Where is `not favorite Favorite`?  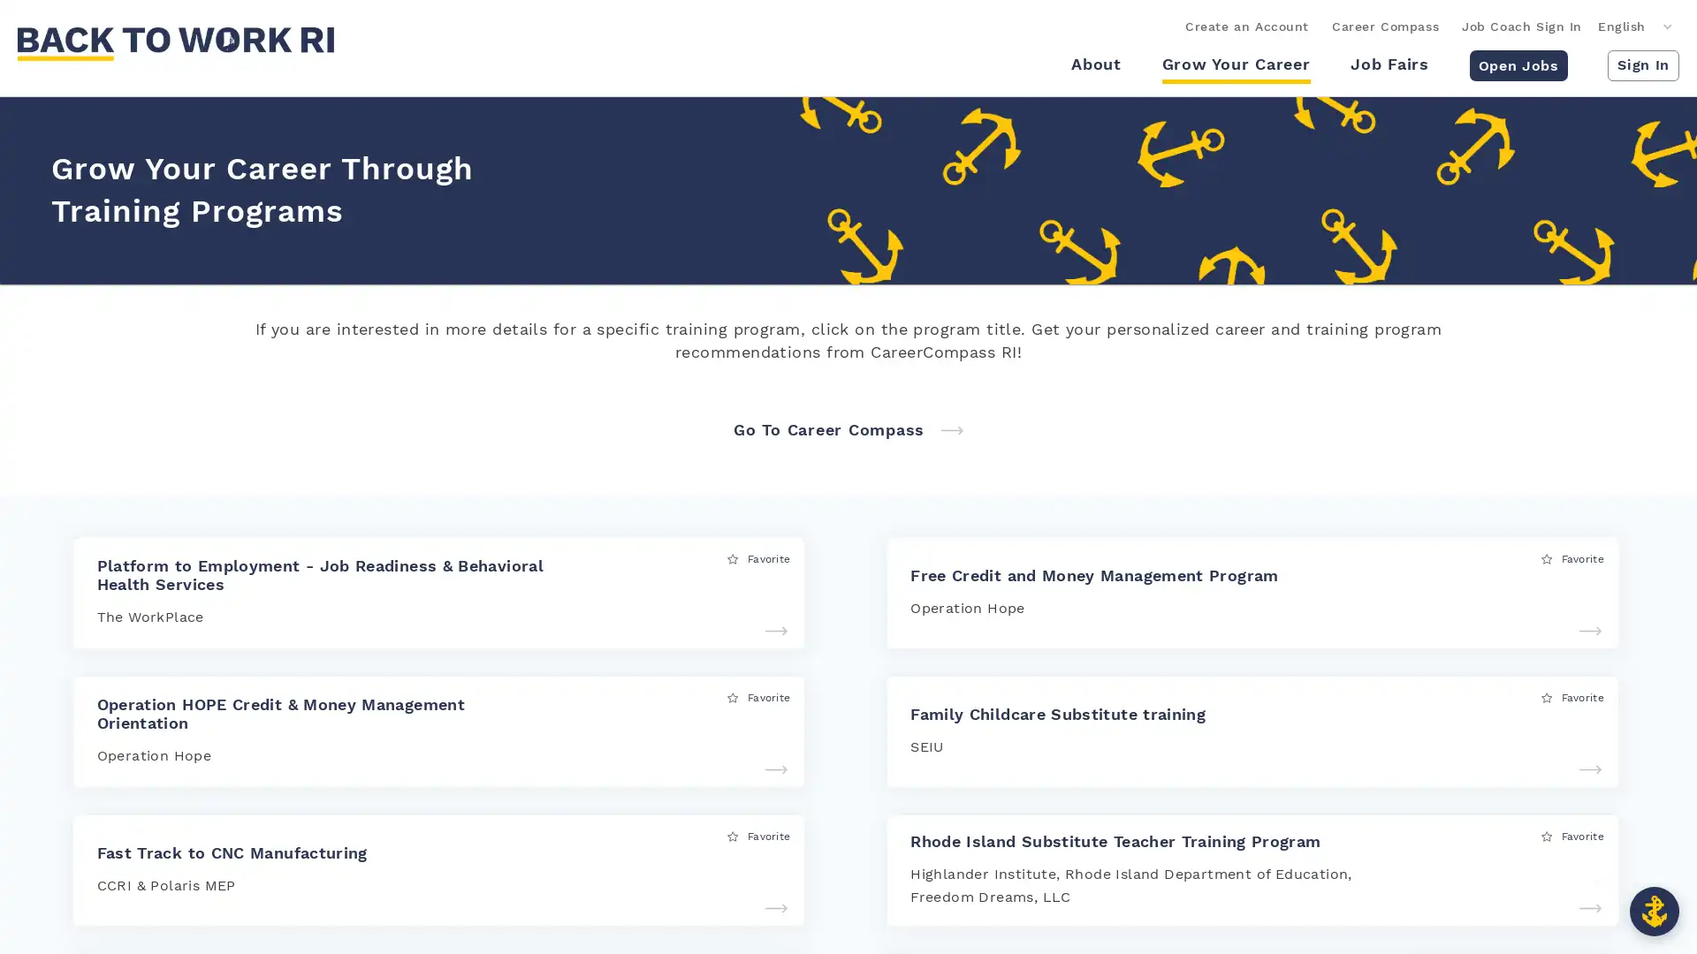
not favorite Favorite is located at coordinates (758, 696).